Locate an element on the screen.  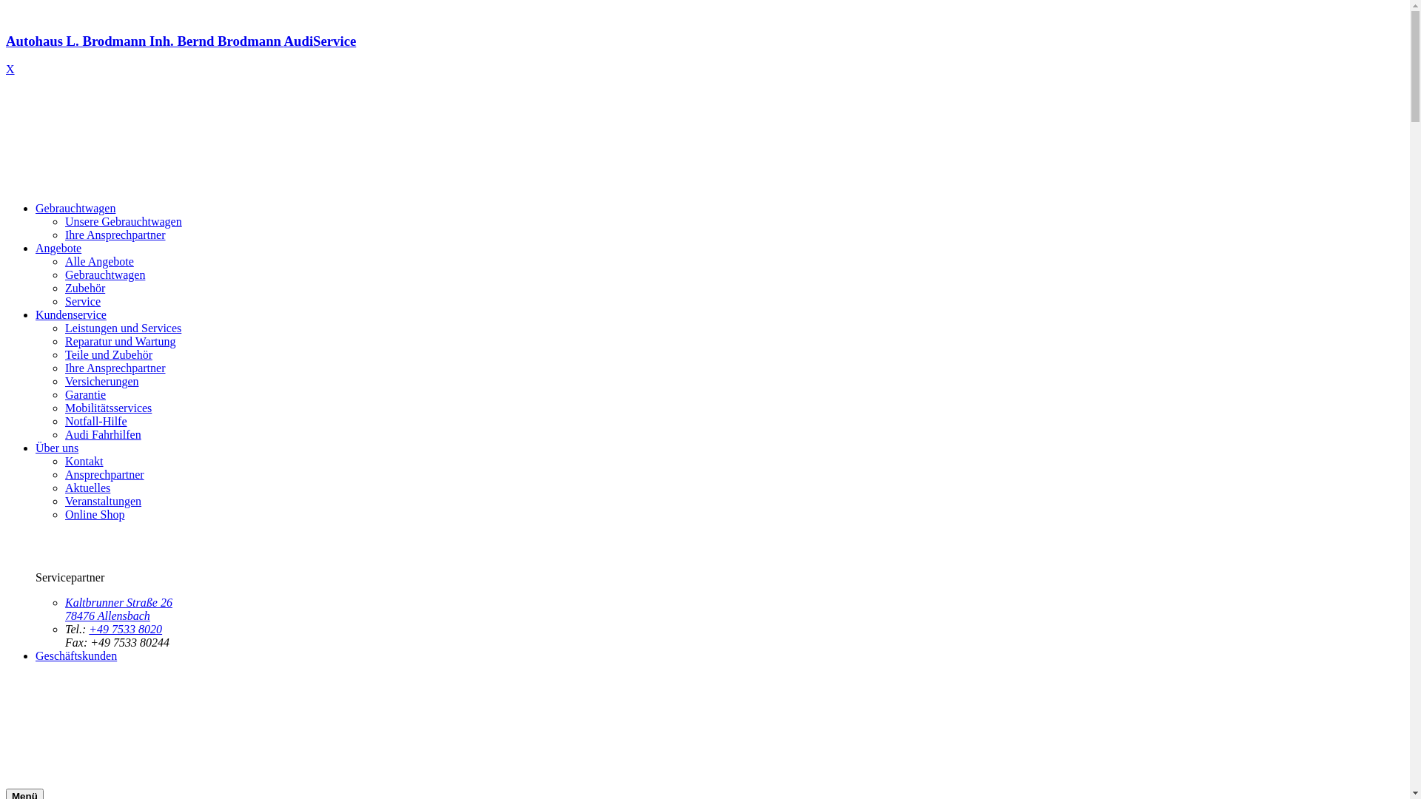
'Gebrauchtwagen' is located at coordinates (74, 208).